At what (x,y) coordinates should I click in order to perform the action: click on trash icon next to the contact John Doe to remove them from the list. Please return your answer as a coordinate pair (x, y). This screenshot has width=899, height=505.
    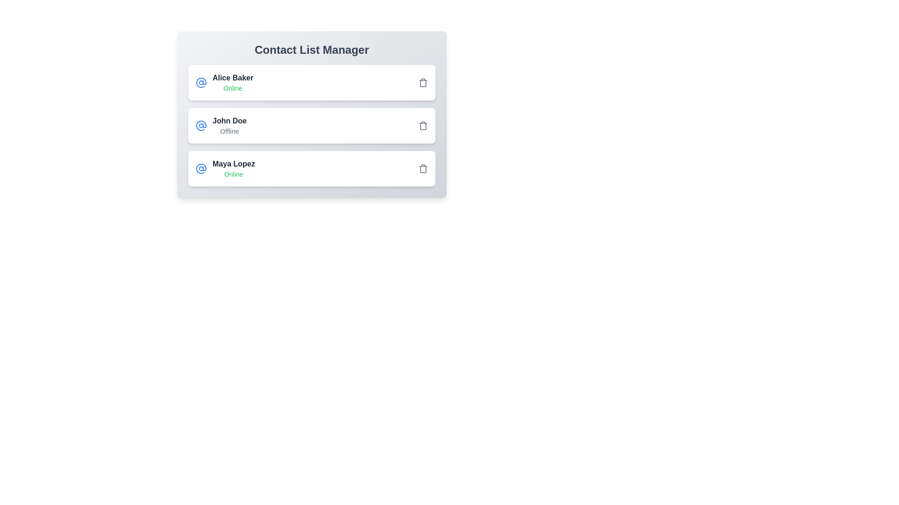
    Looking at the image, I should click on (422, 125).